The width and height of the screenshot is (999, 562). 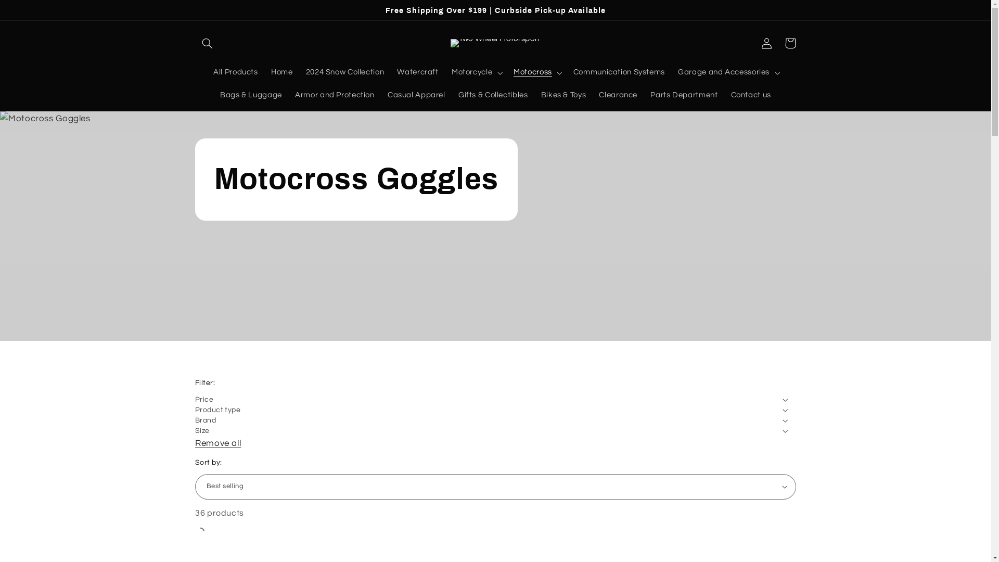 I want to click on 'Bags & Luggage', so click(x=250, y=96).